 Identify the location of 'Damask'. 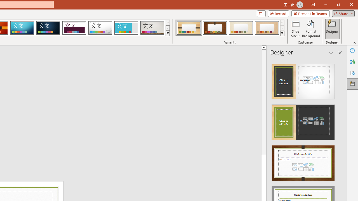
(48, 28).